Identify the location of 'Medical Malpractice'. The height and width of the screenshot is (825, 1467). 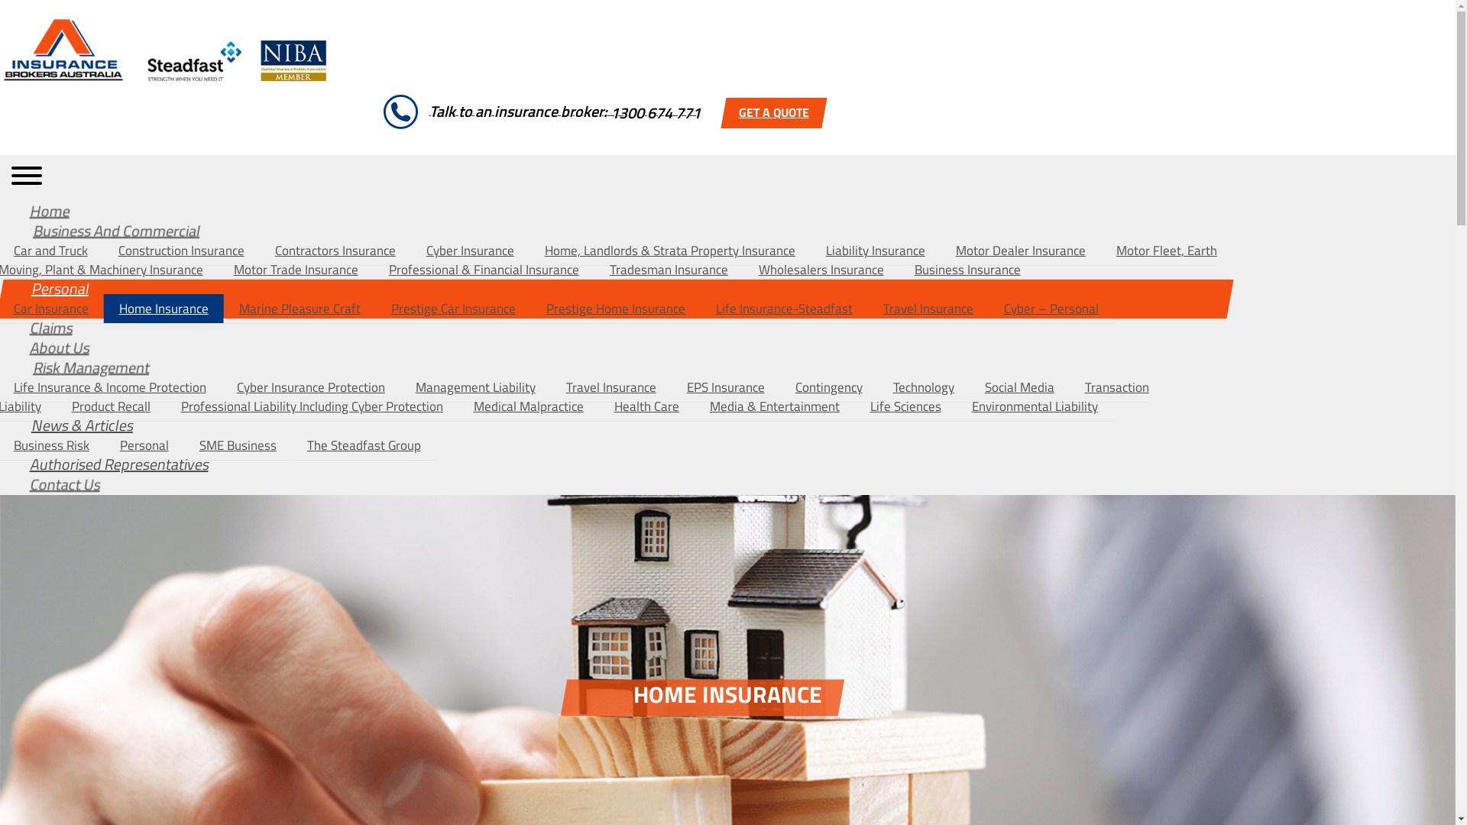
(528, 406).